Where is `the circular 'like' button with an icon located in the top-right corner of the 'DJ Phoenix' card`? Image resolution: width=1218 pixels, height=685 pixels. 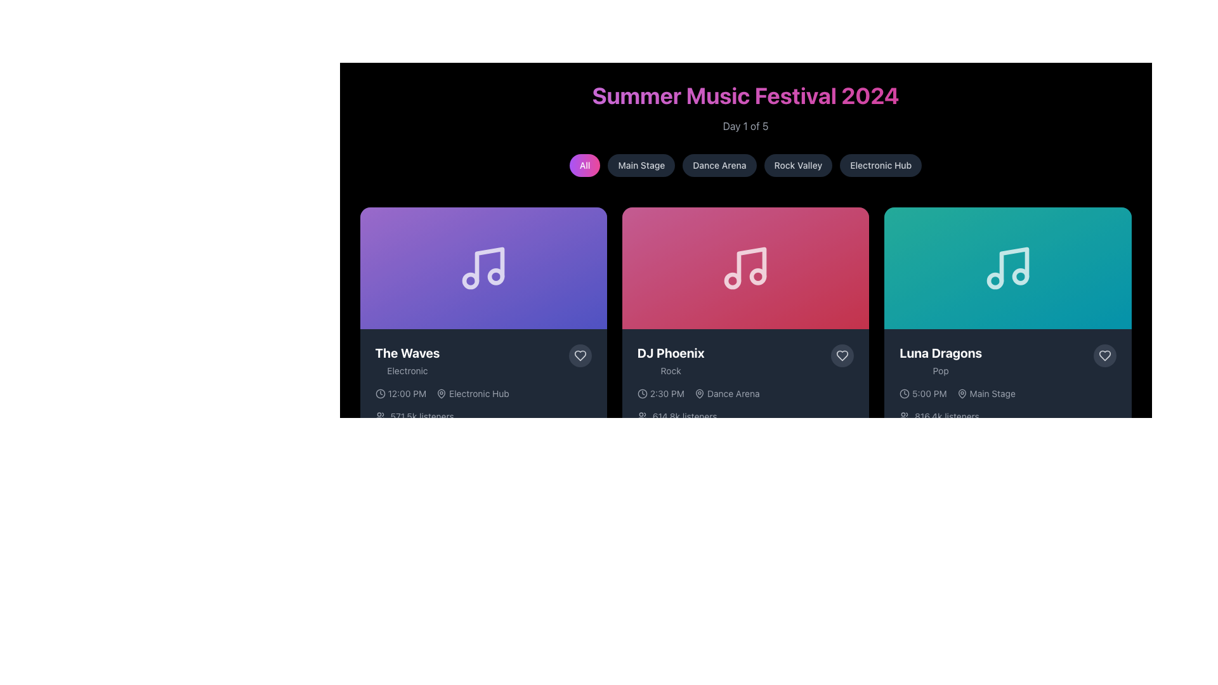
the circular 'like' button with an icon located in the top-right corner of the 'DJ Phoenix' card is located at coordinates (842, 355).